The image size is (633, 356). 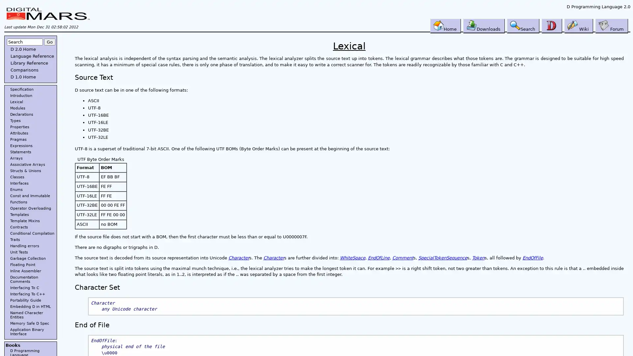 What do you see at coordinates (49, 42) in the screenshot?
I see `Go` at bounding box center [49, 42].